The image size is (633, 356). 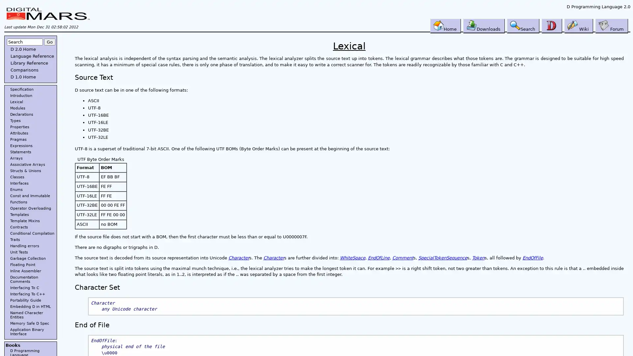 What do you see at coordinates (49, 42) in the screenshot?
I see `Go` at bounding box center [49, 42].